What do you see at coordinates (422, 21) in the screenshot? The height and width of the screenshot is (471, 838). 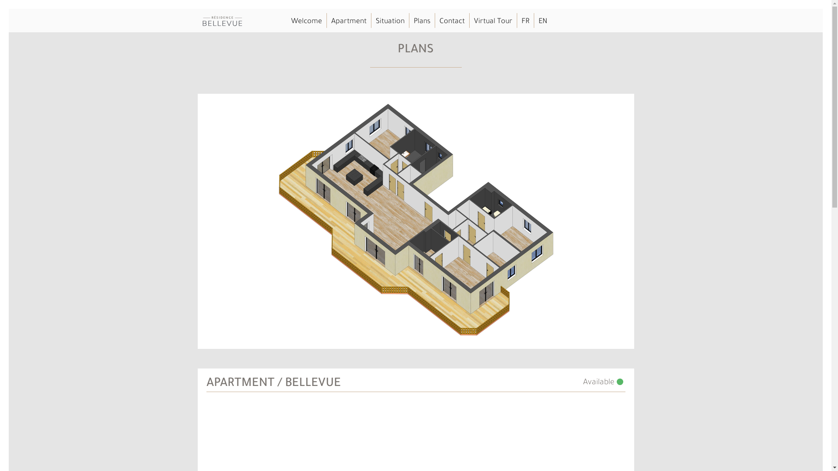 I see `'Plans'` at bounding box center [422, 21].